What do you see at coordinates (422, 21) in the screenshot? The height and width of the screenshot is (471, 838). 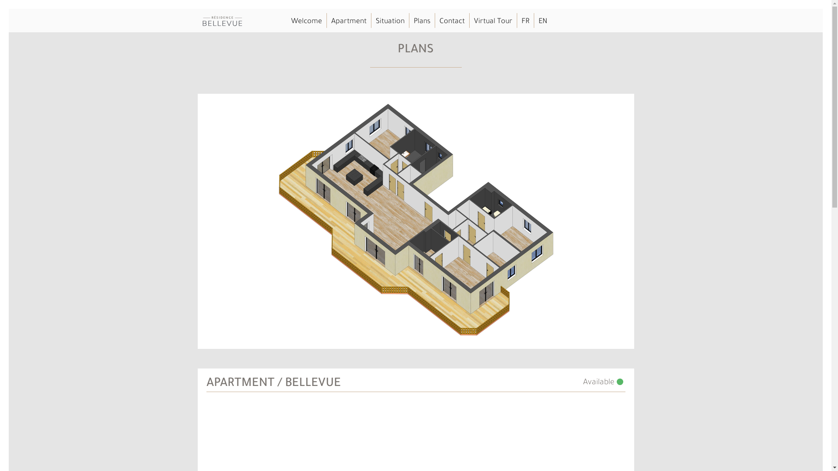 I see `'Plans'` at bounding box center [422, 21].